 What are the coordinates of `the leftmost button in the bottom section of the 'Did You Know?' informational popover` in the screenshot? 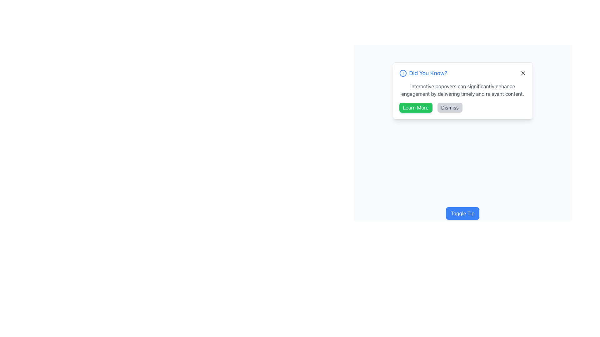 It's located at (416, 107).